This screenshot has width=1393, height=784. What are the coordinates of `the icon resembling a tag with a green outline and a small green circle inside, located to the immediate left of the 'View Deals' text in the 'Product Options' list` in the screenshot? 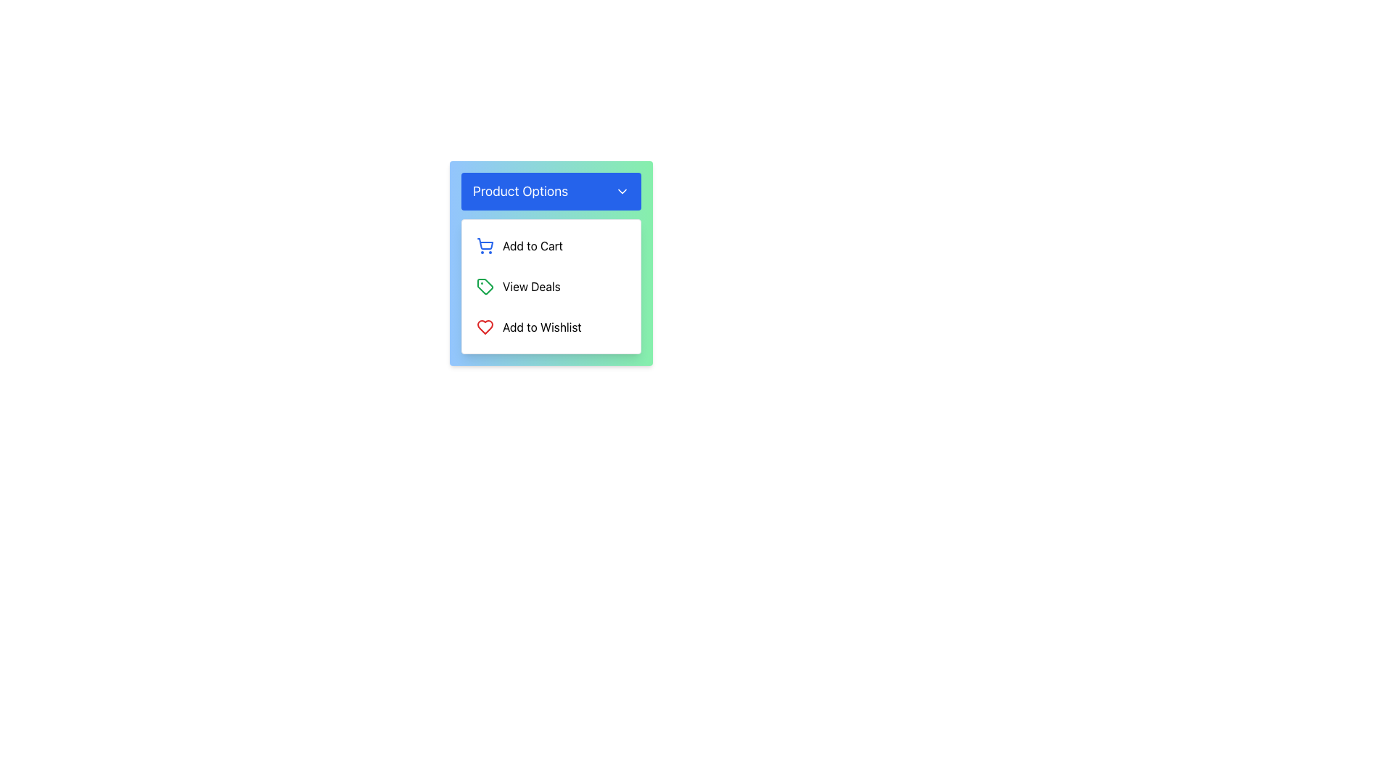 It's located at (485, 286).